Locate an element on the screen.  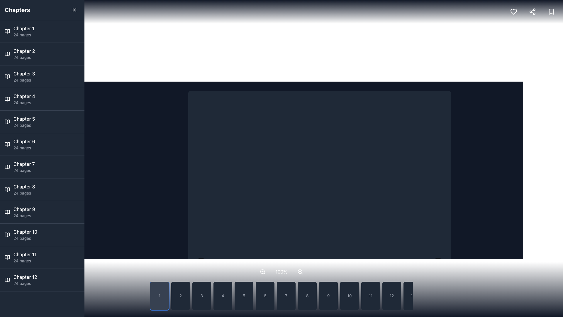
the icon representing 'Chapter 9' in the chapter list is located at coordinates (7, 212).